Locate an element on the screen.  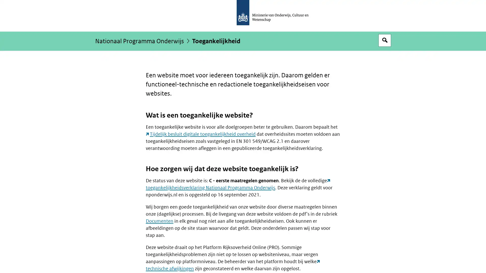
Open zoekveld is located at coordinates (385, 40).